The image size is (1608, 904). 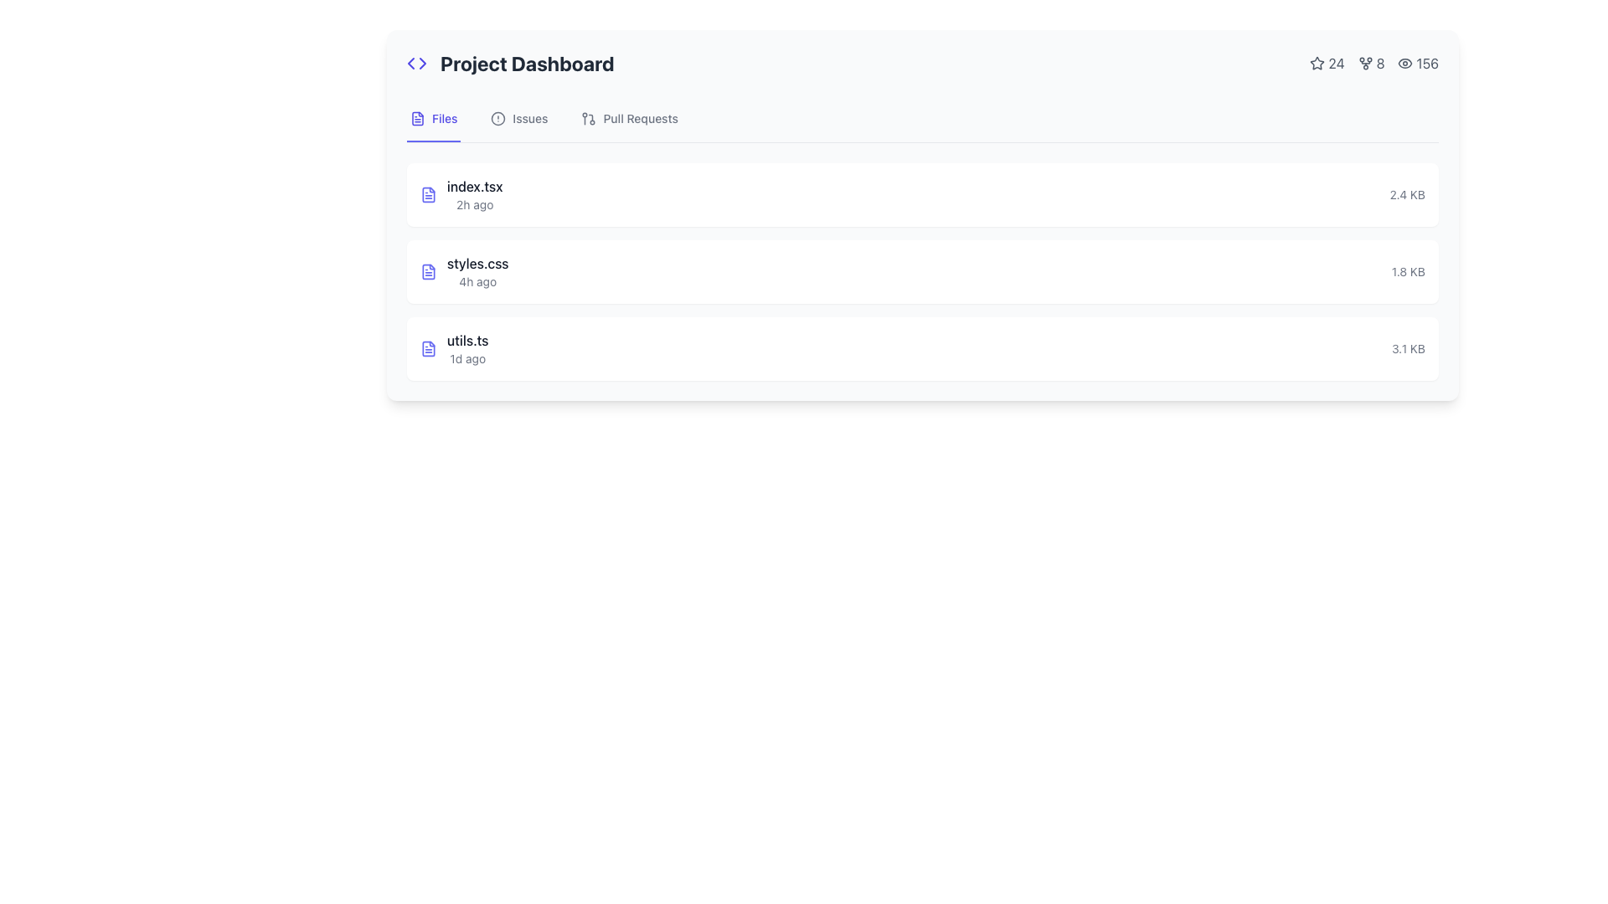 I want to click on the 'Pull Requests' icon located to the left of the 'Pull Requests' text in the navigation bar, so click(x=589, y=118).